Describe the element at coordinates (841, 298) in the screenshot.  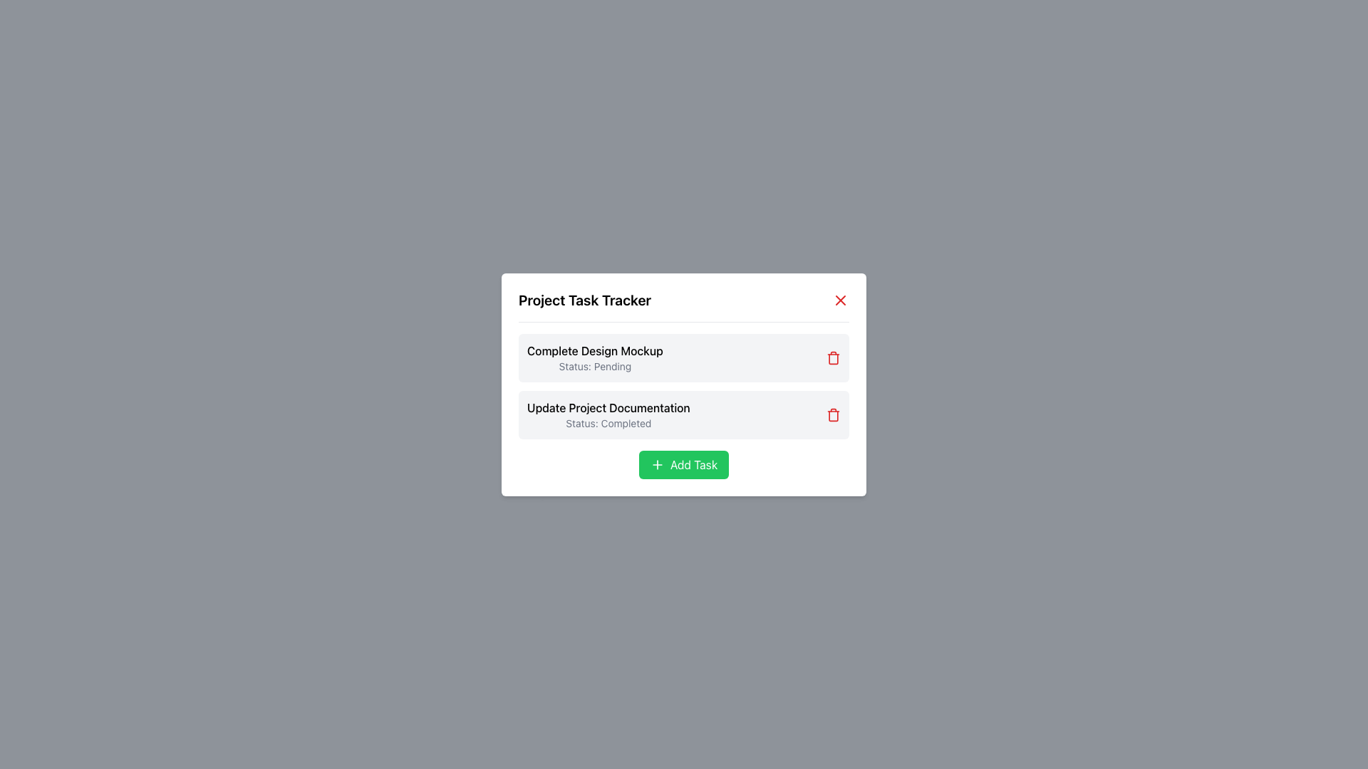
I see `the red 'X' icon in the top-right corner of the modal titled 'Project Task Tracker'` at that location.